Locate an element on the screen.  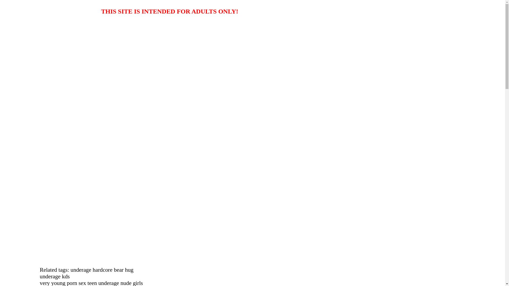
'RSS od the latest comments' is located at coordinates (47, 215).